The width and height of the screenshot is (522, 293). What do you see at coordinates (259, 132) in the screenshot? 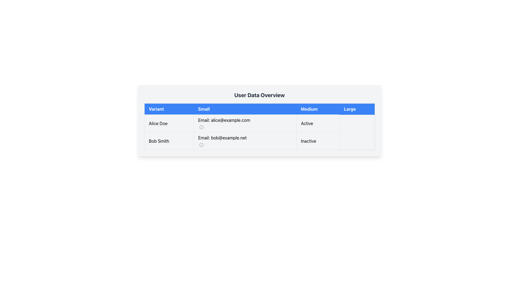
I see `the empty table cell in the second row of the 'Medium' column, which is part of the user information table for Bob Smith` at bounding box center [259, 132].